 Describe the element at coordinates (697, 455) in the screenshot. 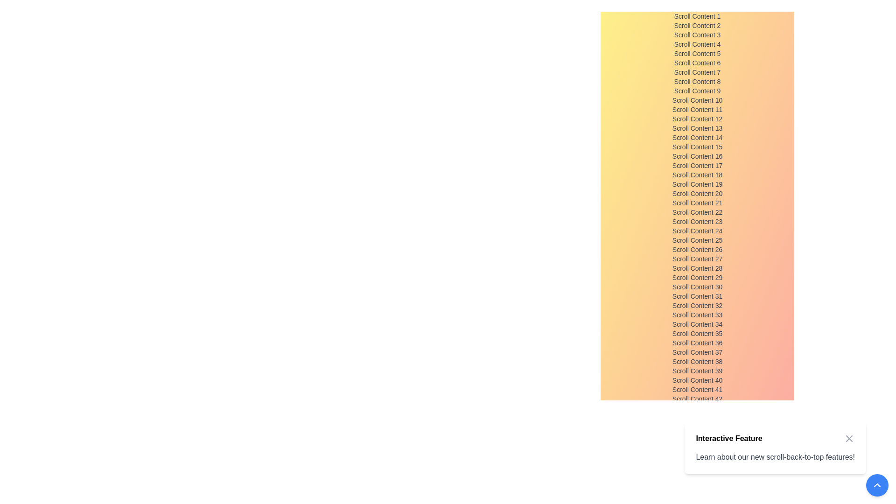

I see `text content of the 'Scroll Content 48' label, which is the 48th item in a vertically scrollable list with a yellow to red gradient background` at that location.